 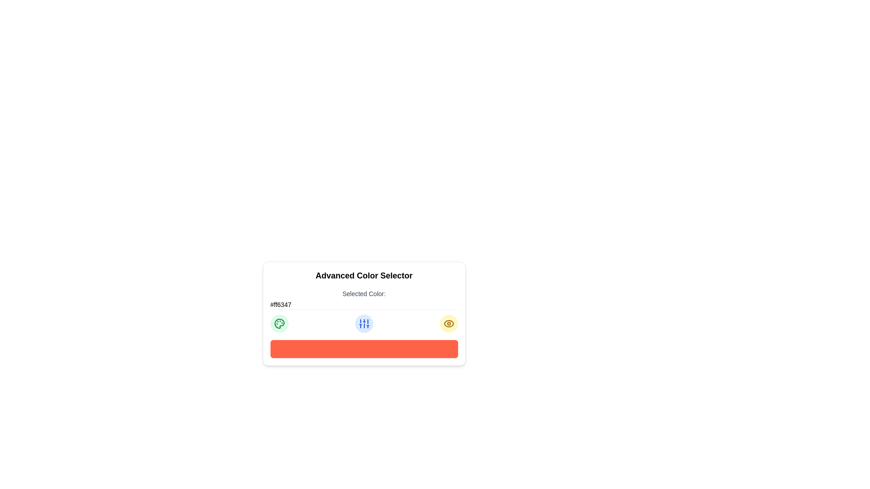 I want to click on the graphic icon resembling a painter's palette, which has a greenish circular background and is located to the leftmost of three circular icons below the text 'Selected Color:' and above a large orange button, so click(x=279, y=323).